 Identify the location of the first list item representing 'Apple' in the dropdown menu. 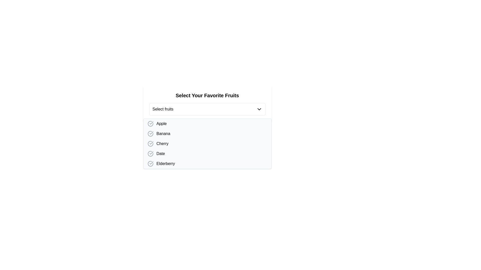
(207, 123).